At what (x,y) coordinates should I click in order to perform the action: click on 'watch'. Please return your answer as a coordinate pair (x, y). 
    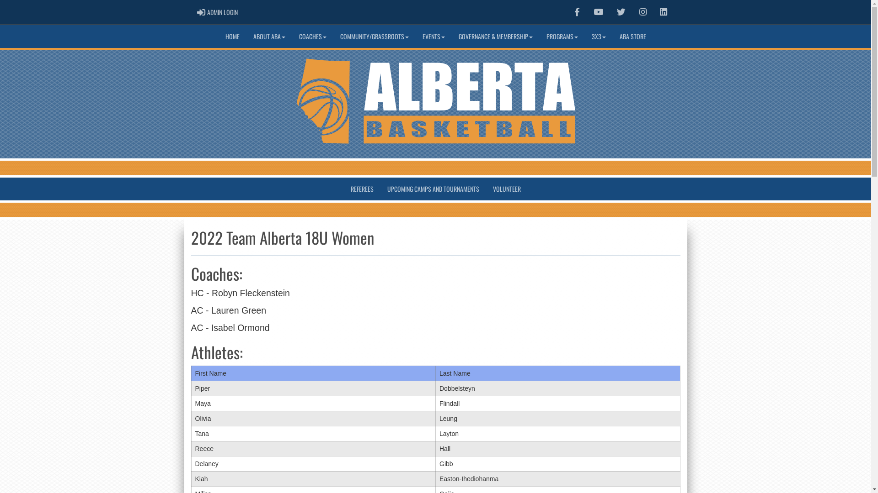
    Looking at the image, I should click on (593, 12).